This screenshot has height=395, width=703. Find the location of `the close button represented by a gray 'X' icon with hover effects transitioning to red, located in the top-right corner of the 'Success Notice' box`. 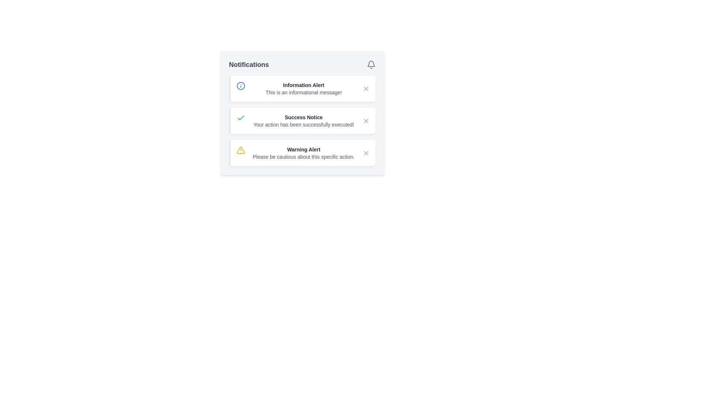

the close button represented by a gray 'X' icon with hover effects transitioning to red, located in the top-right corner of the 'Success Notice' box is located at coordinates (366, 121).